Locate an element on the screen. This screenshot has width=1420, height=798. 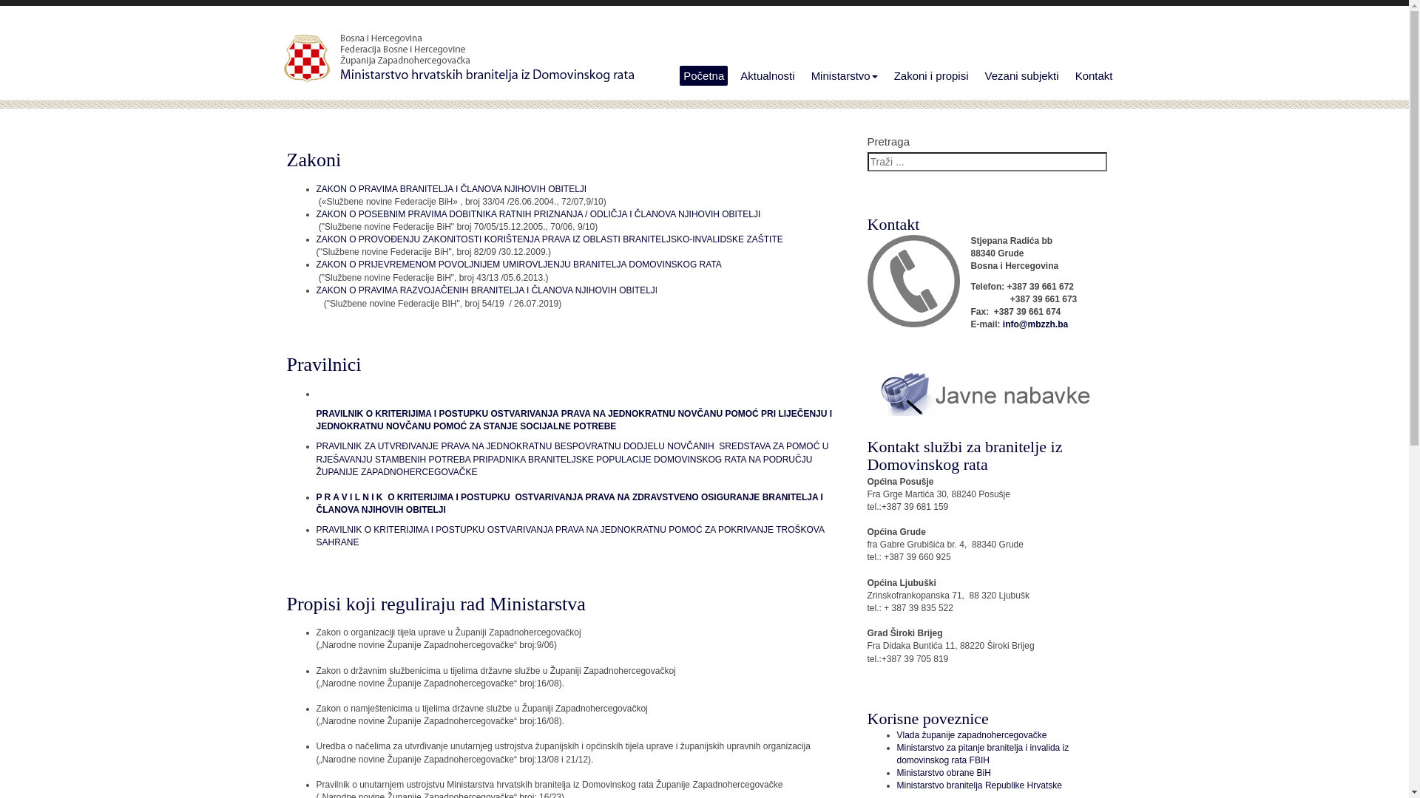
'Aktualnosti' is located at coordinates (737, 75).